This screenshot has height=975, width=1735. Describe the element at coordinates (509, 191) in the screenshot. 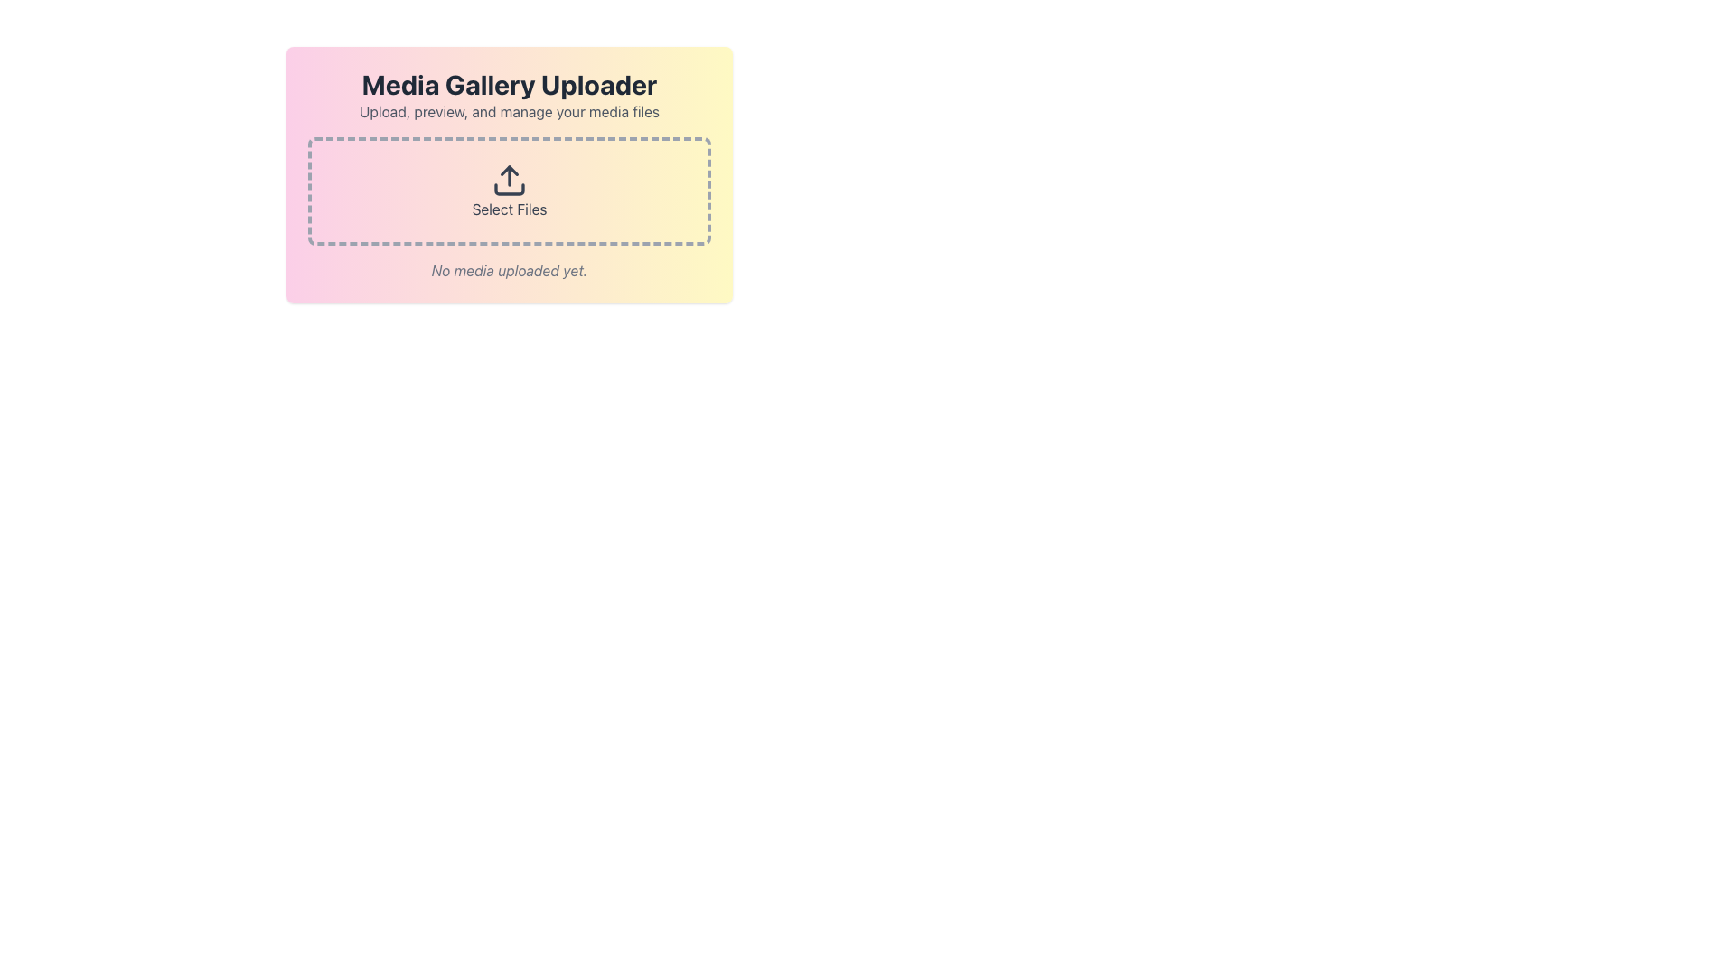

I see `the file upload button located within the 'Media Gallery Uploader' interface` at that location.